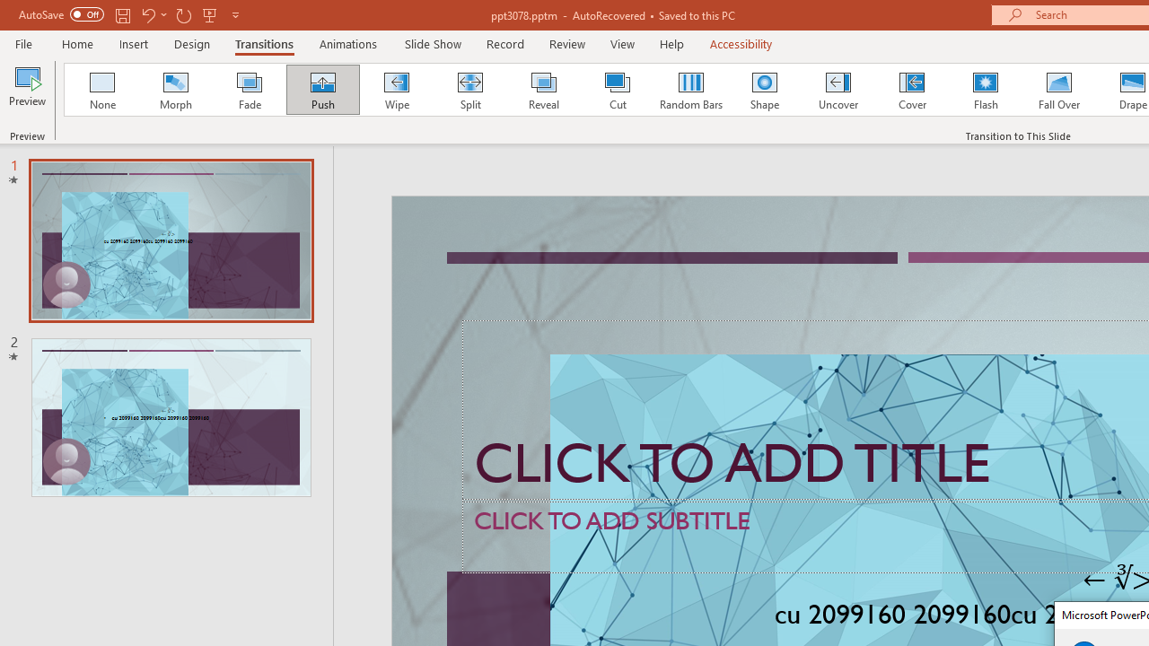 This screenshot has height=646, width=1149. I want to click on 'Uncover', so click(838, 90).